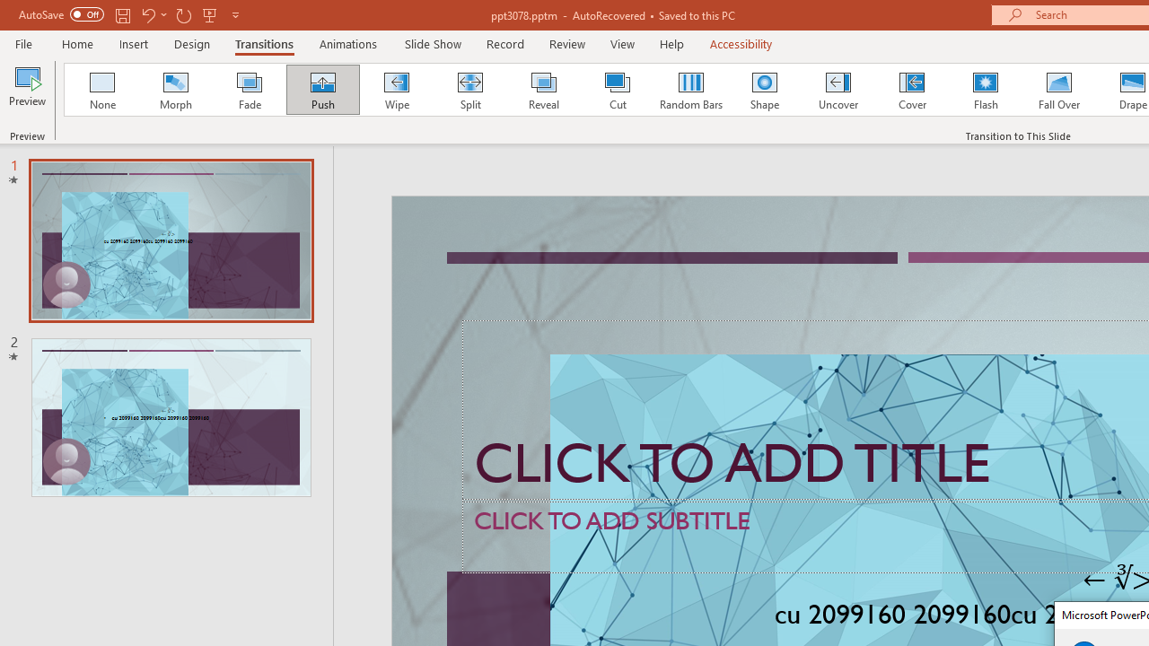 This screenshot has height=646, width=1149. I want to click on 'Uncover', so click(838, 90).